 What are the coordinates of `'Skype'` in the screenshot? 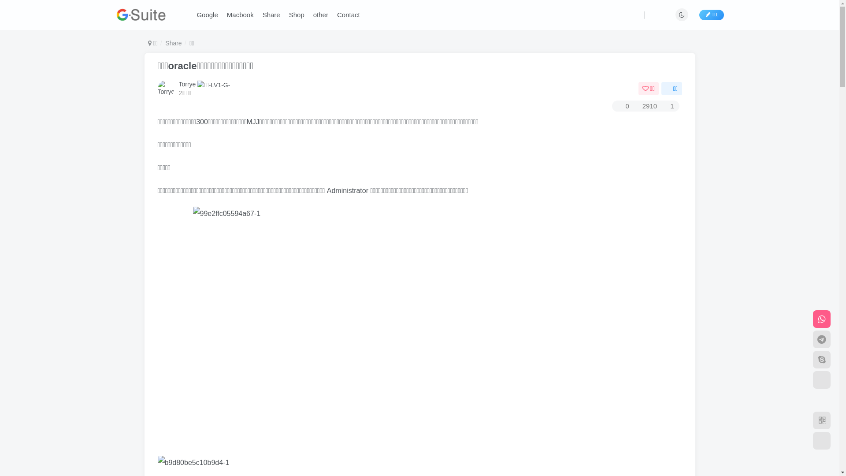 It's located at (821, 360).